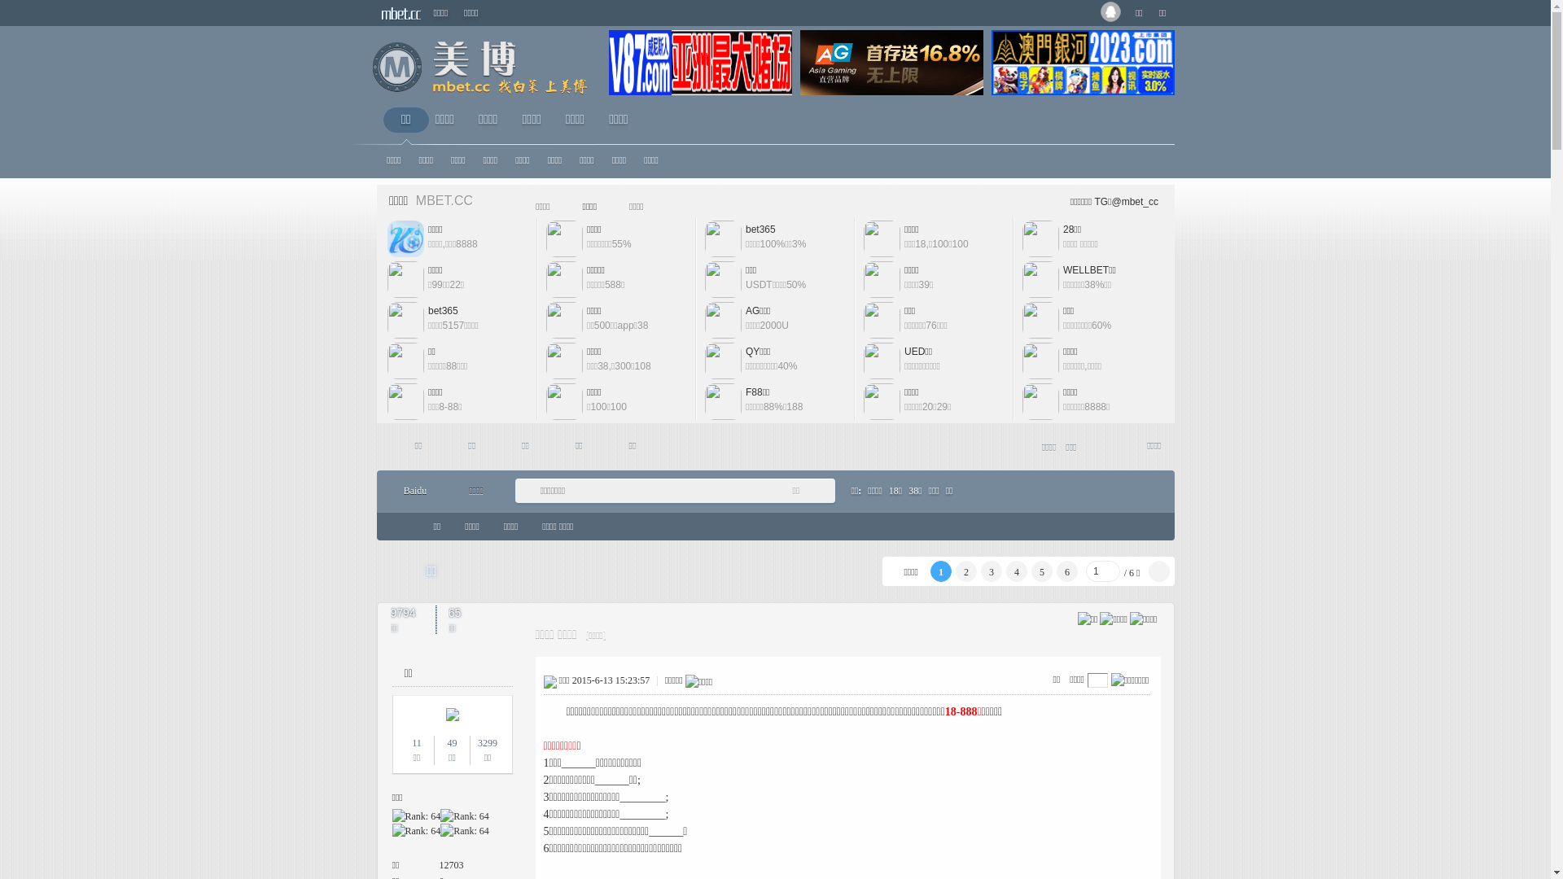 Image resolution: width=1563 pixels, height=879 pixels. What do you see at coordinates (487, 743) in the screenshot?
I see `'3299'` at bounding box center [487, 743].